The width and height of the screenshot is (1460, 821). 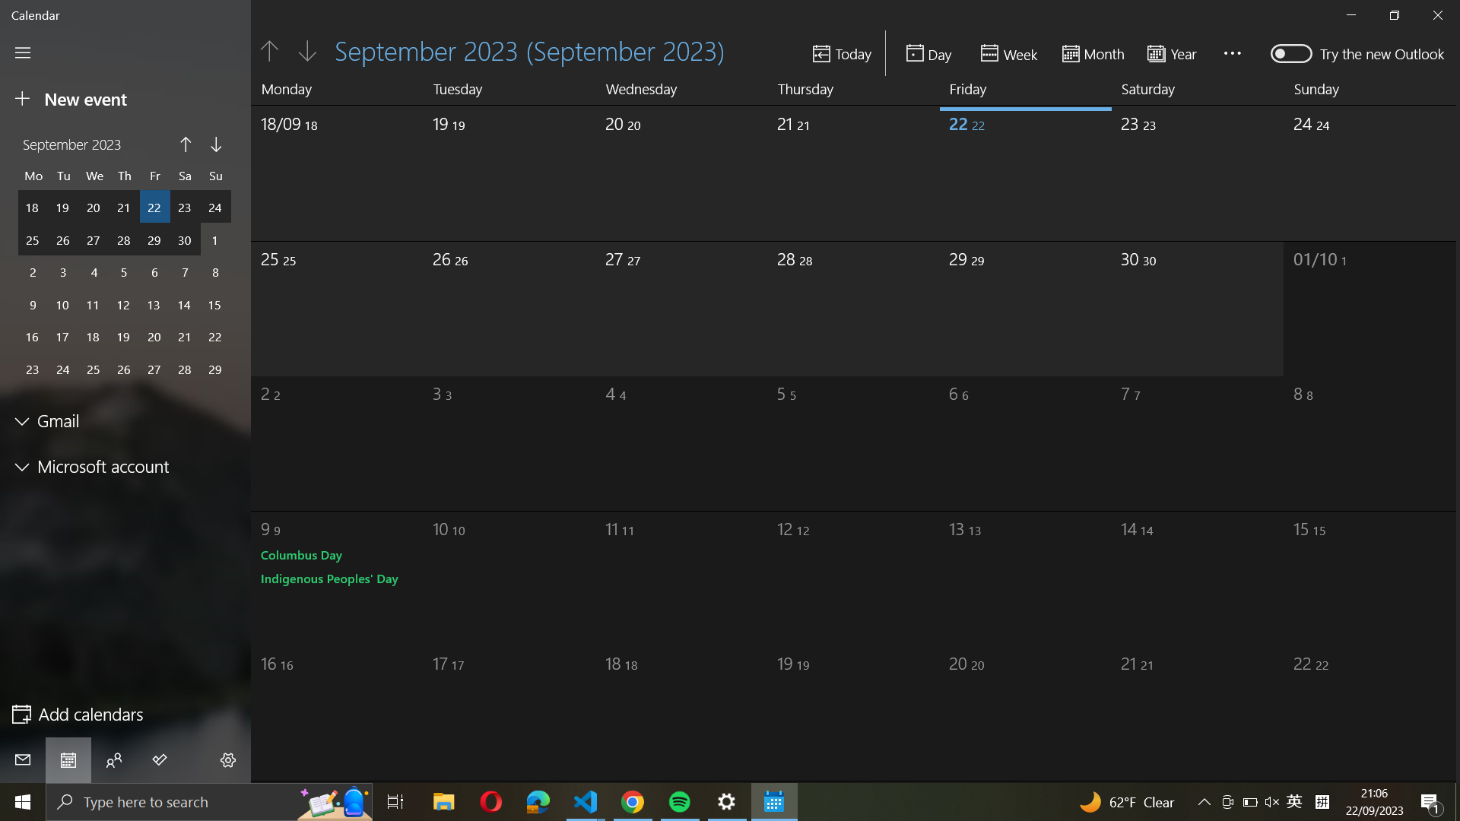 What do you see at coordinates (1093, 52) in the screenshot?
I see `the calendar to monthly view` at bounding box center [1093, 52].